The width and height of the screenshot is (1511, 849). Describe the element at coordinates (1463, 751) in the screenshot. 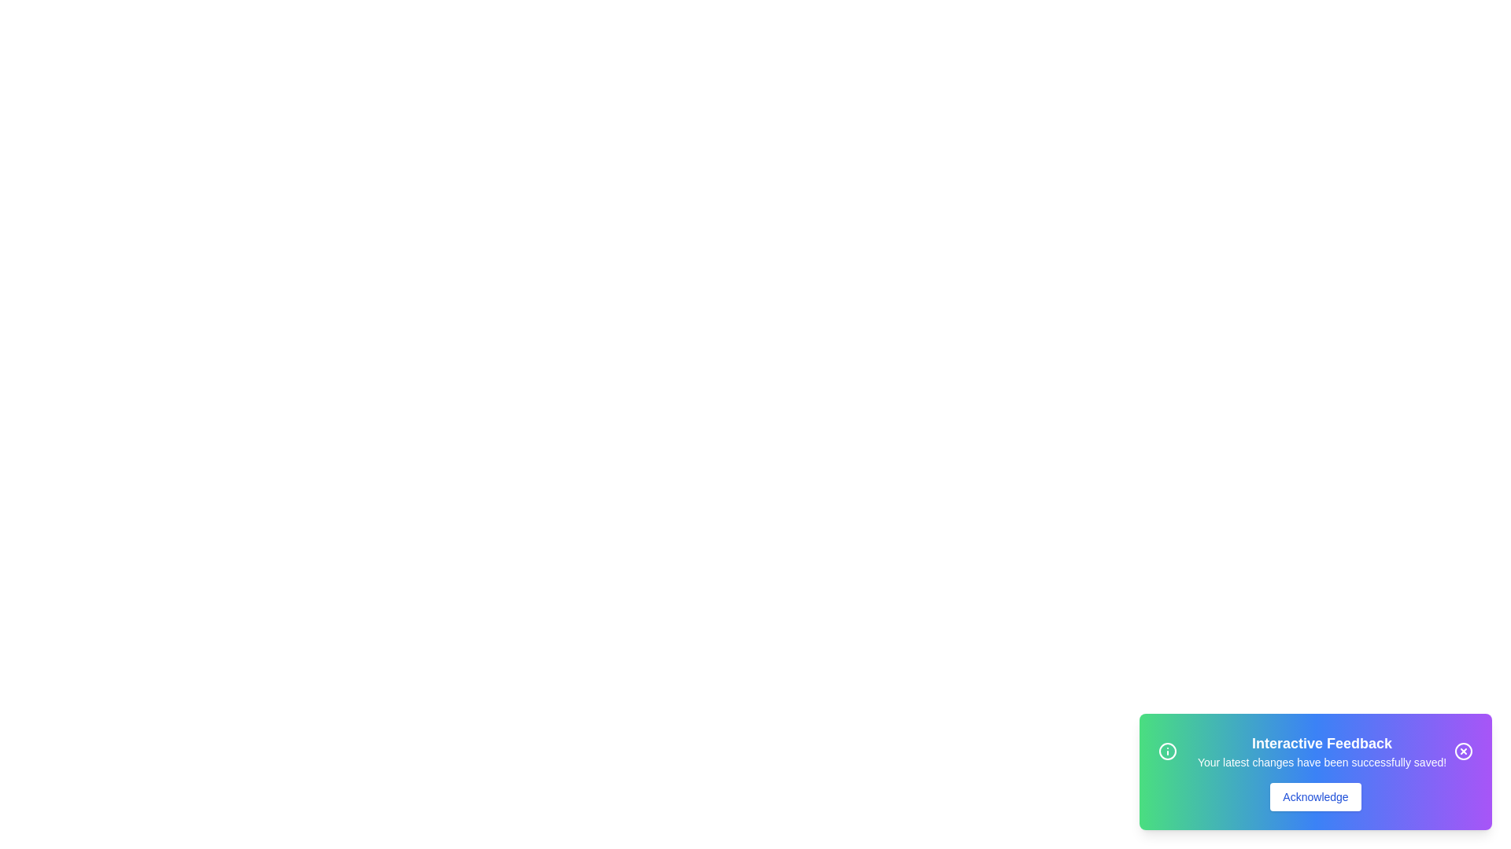

I see `the decorative vector graphic circle located in the bottom-right corner of the notification panel, which is part of an icon associated with the 'Acknowledge' button` at that location.